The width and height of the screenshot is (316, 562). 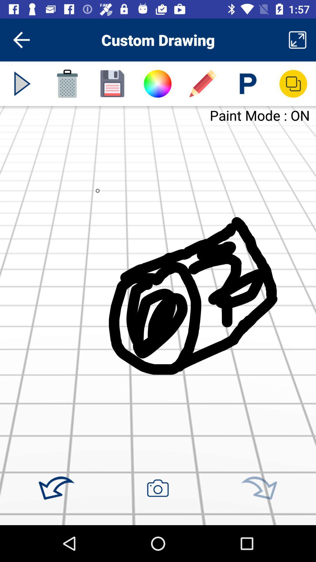 I want to click on the copy icon, so click(x=293, y=83).